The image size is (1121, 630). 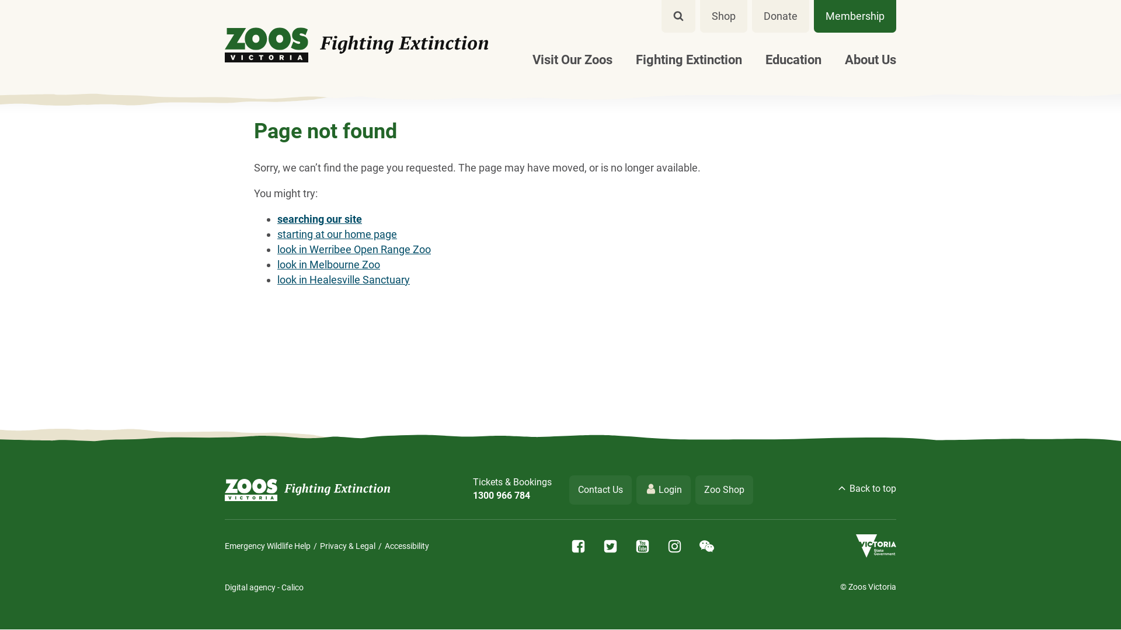 What do you see at coordinates (723, 16) in the screenshot?
I see `'Shop'` at bounding box center [723, 16].